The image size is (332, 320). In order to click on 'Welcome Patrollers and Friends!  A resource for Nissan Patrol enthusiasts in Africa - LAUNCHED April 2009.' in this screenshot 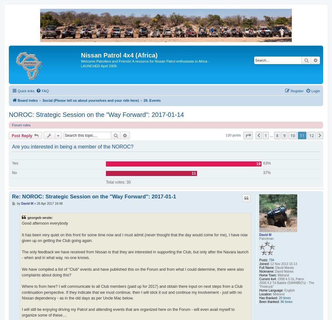, I will do `click(145, 63)`.